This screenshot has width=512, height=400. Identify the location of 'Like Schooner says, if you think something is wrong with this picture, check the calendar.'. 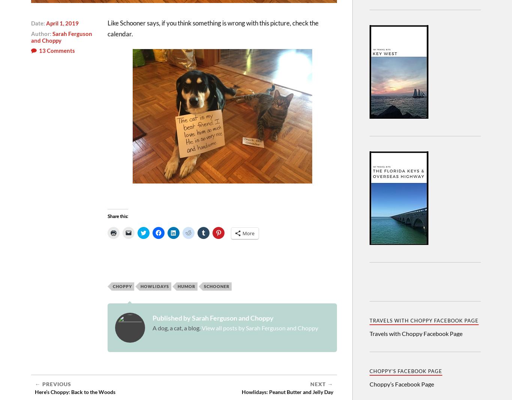
(213, 27).